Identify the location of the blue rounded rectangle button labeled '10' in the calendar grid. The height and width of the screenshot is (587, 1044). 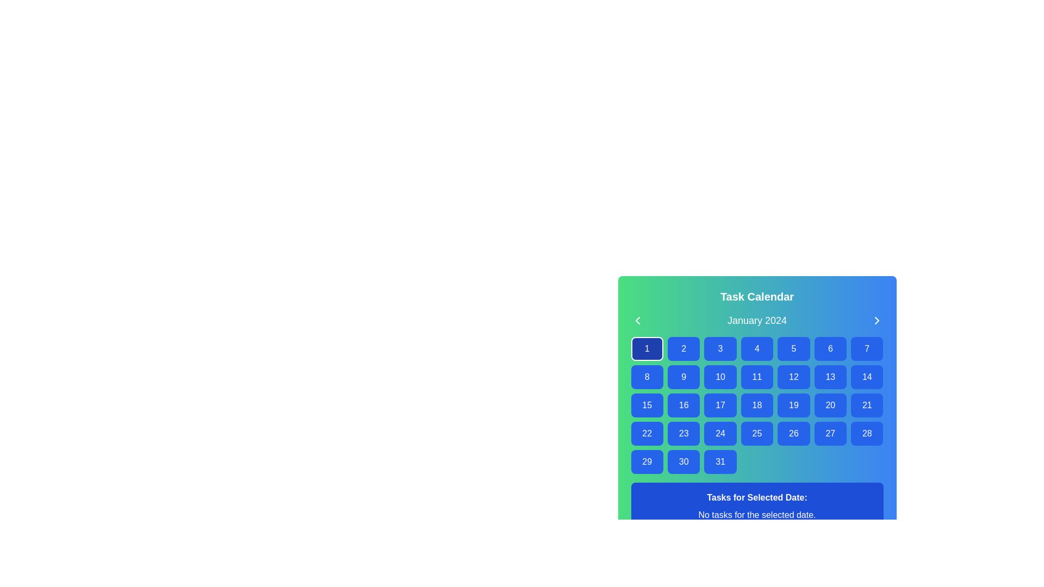
(720, 377).